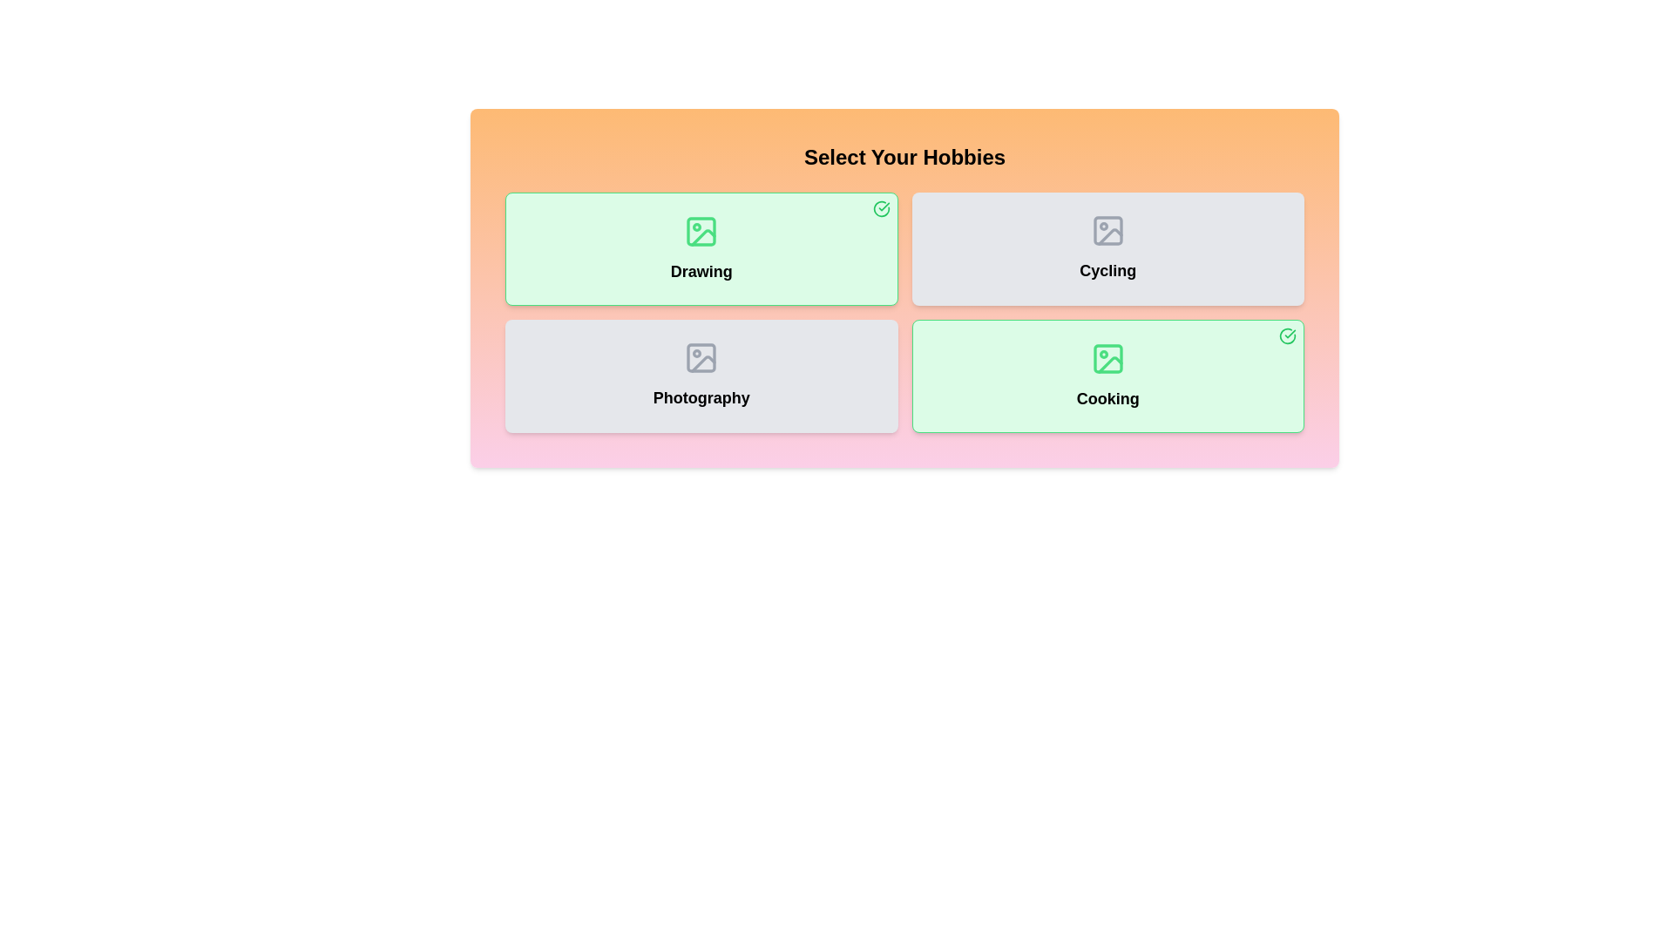 This screenshot has width=1673, height=941. Describe the element at coordinates (1107, 358) in the screenshot. I see `the image icon of the hobby card corresponding to Cooking` at that location.